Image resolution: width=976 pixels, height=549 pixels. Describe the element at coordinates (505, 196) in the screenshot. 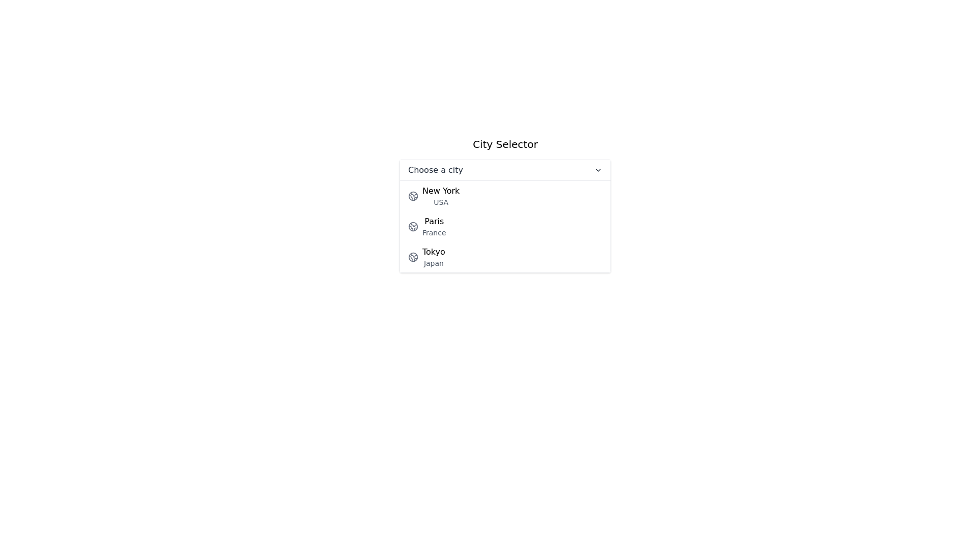

I see `the 'New York' location option in the dropdown menu` at that location.